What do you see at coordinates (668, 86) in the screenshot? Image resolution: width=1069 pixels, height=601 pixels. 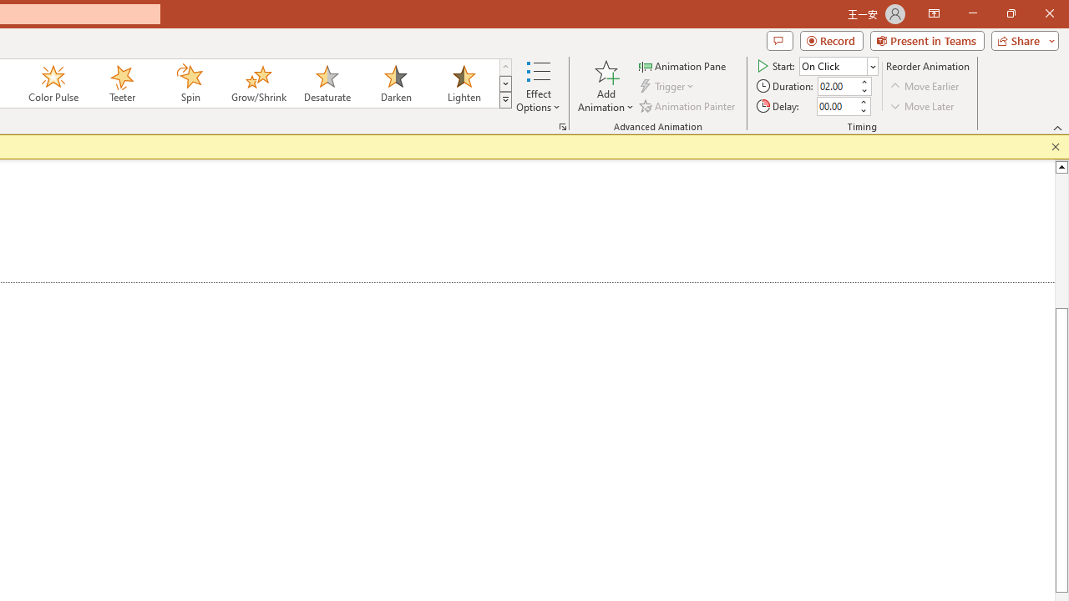 I see `'Trigger'` at bounding box center [668, 86].